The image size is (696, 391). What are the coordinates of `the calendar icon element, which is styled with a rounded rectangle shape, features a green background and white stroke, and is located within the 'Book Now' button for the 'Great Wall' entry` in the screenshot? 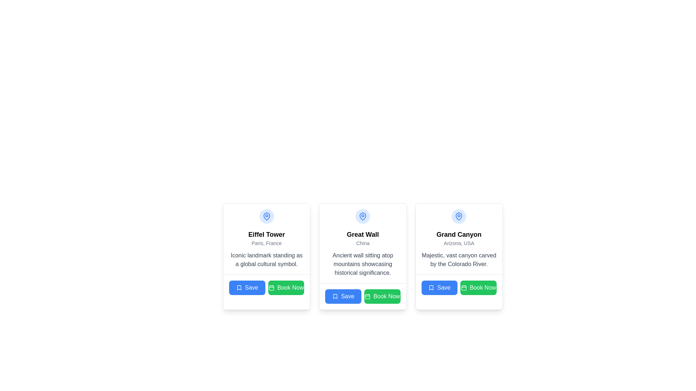 It's located at (368, 296).